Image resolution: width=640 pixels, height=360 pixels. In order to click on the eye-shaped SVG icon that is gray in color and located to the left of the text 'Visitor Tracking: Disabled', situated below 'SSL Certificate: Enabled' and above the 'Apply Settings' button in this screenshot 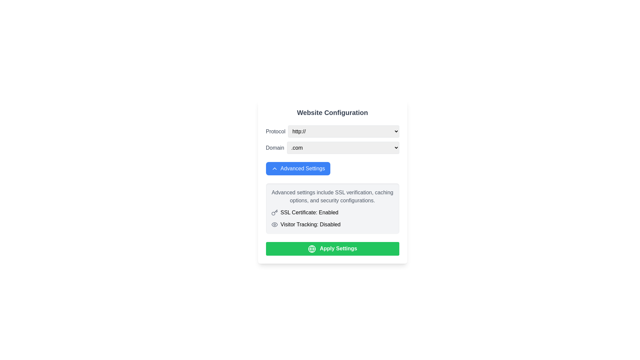, I will do `click(274, 225)`.